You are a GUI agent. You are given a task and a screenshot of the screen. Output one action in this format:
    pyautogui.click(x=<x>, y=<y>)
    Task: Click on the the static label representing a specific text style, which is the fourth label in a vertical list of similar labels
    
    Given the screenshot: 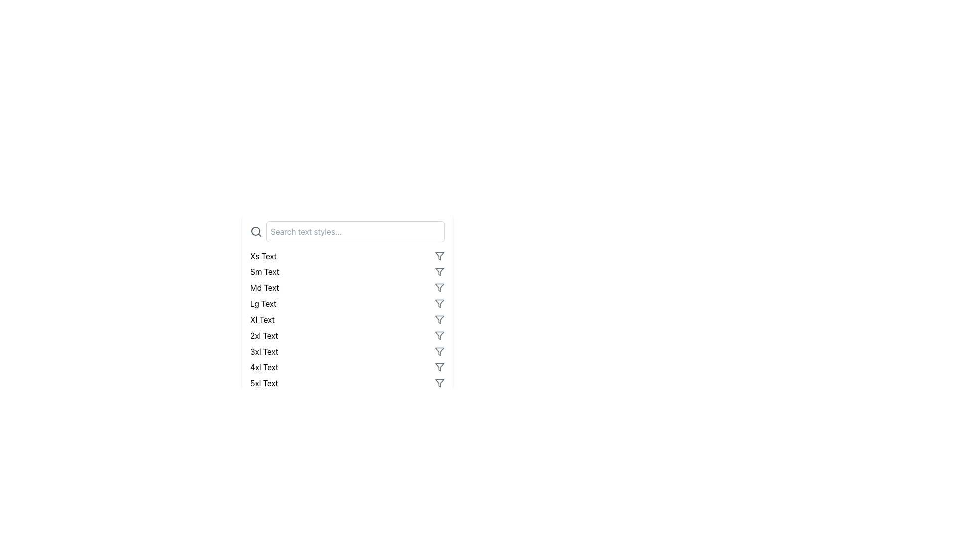 What is the action you would take?
    pyautogui.click(x=263, y=303)
    